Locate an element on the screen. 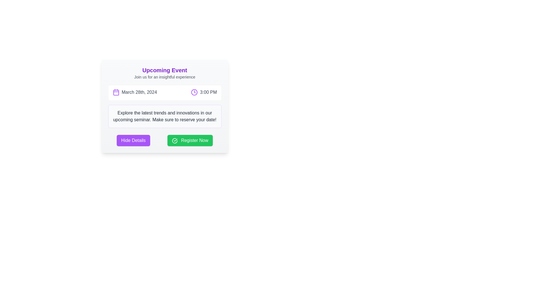  the circular green checkmark icon located beside the 'Register Now' text in the lower right corner of the card is located at coordinates (174, 140).